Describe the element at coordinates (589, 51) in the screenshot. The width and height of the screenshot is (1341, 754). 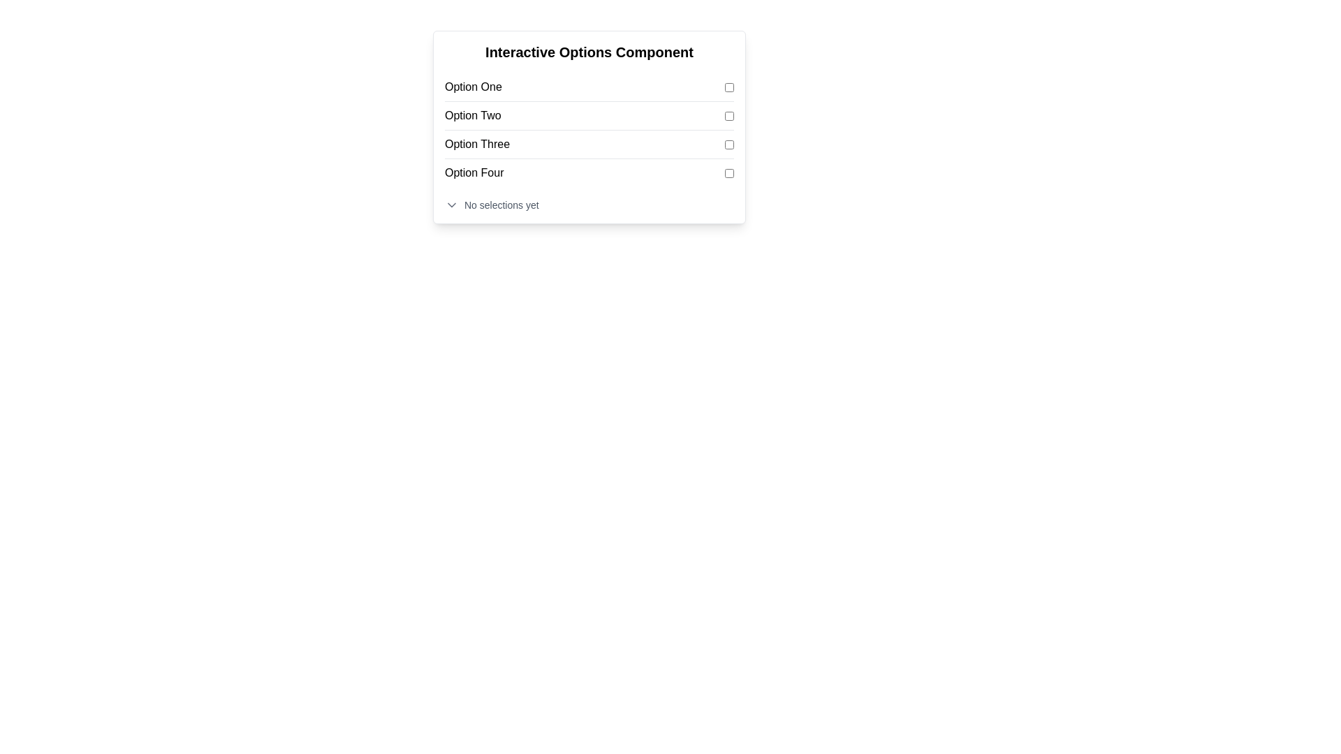
I see `the bold text header labeled 'Interactive Options Component' located at the top of the panel` at that location.